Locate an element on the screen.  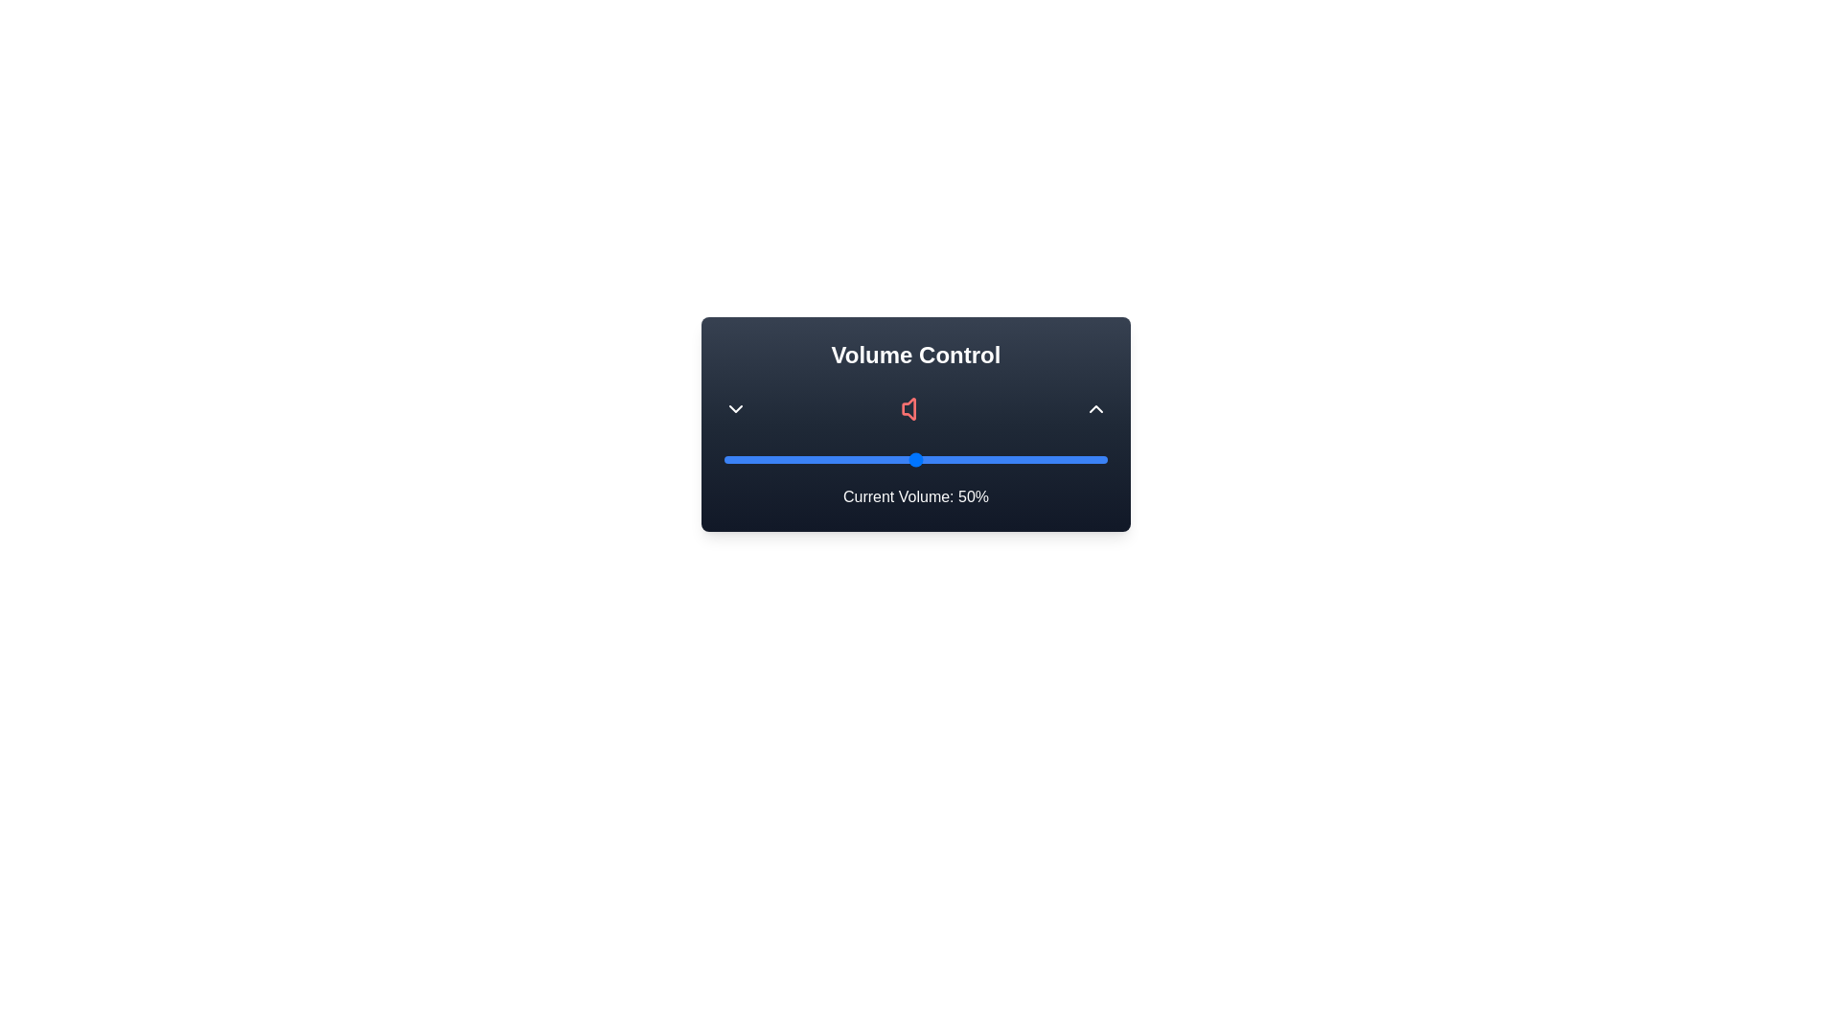
the up arrow button to increase the volume is located at coordinates (1095, 408).